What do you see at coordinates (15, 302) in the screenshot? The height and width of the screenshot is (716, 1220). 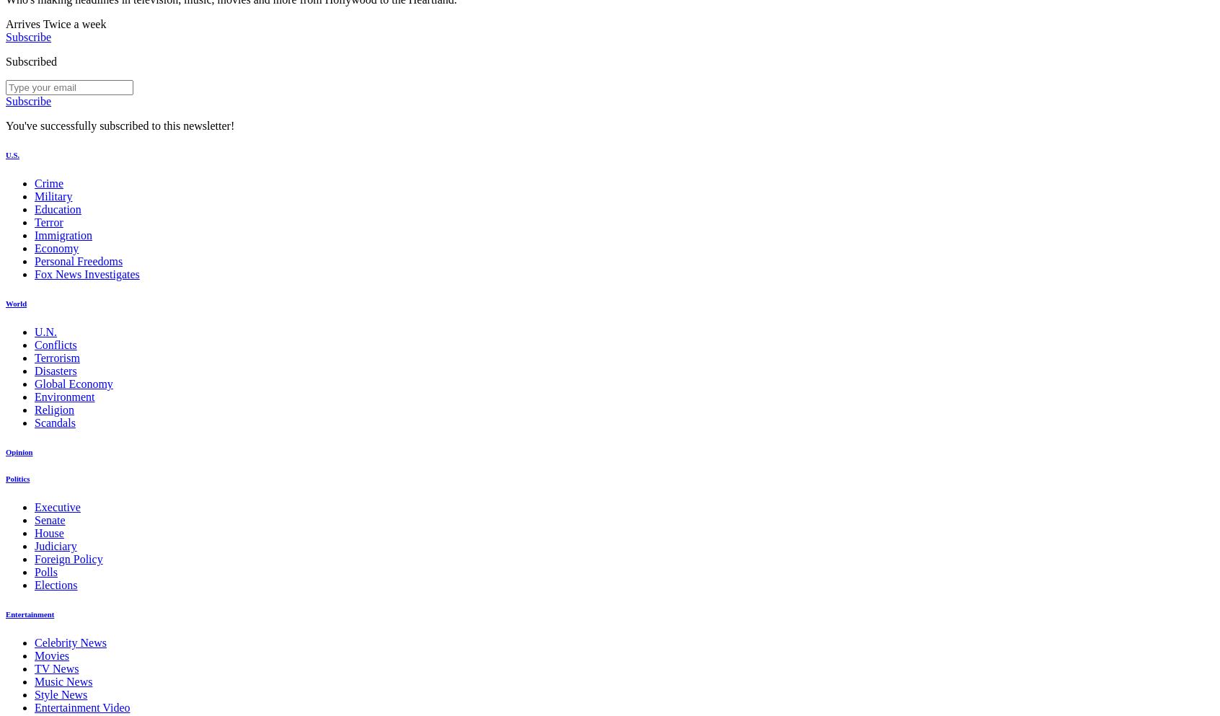 I see `'World'` at bounding box center [15, 302].